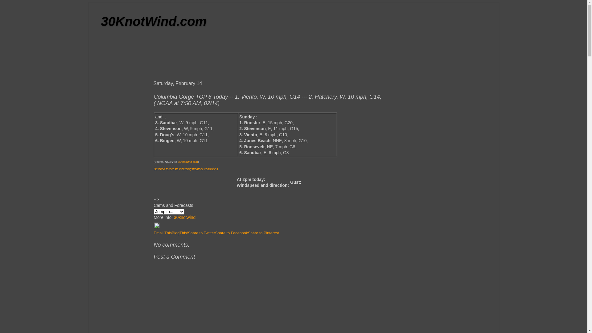 This screenshot has width=592, height=333. Describe the element at coordinates (179, 233) in the screenshot. I see `'BlogThis!'` at that location.